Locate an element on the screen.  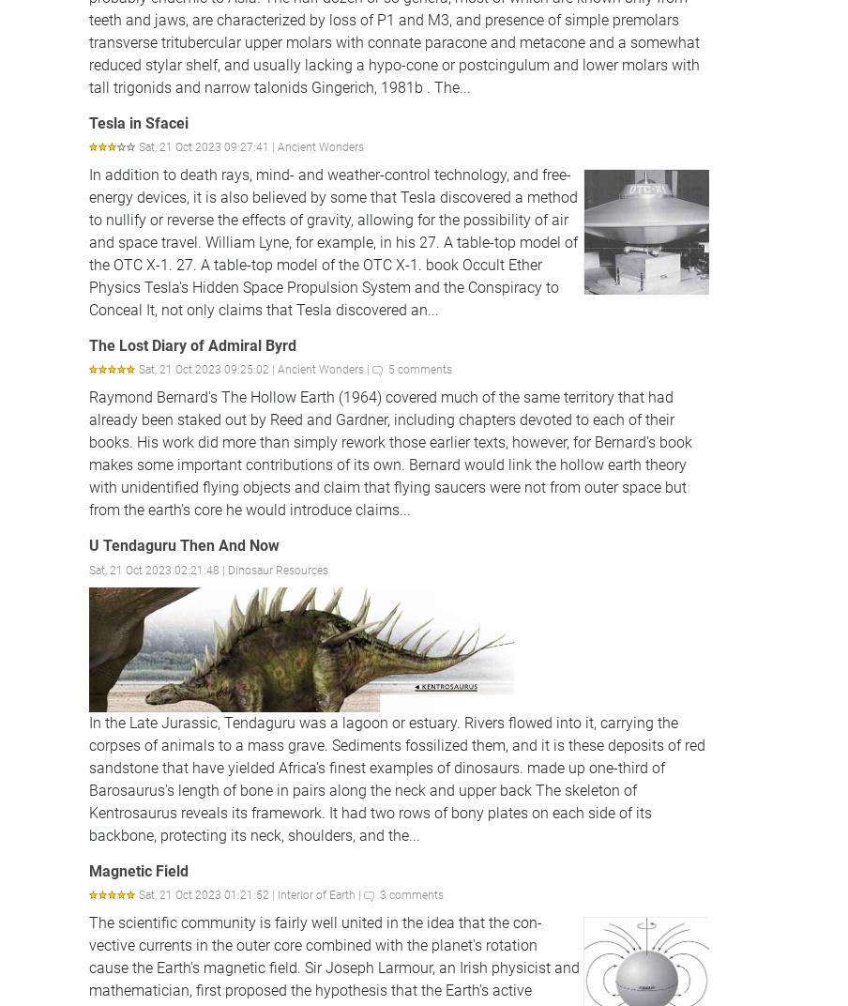
'The Lost Diary of Admiral Byrd' is located at coordinates (89, 345).